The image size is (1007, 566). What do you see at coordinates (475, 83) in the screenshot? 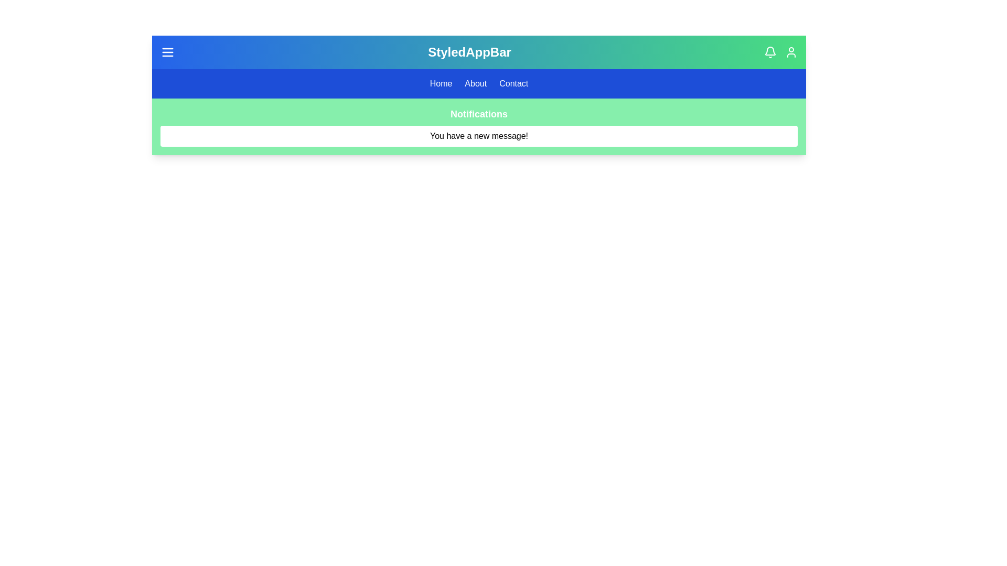
I see `the second item in the horizontal navigation menu labeled 'About'` at bounding box center [475, 83].